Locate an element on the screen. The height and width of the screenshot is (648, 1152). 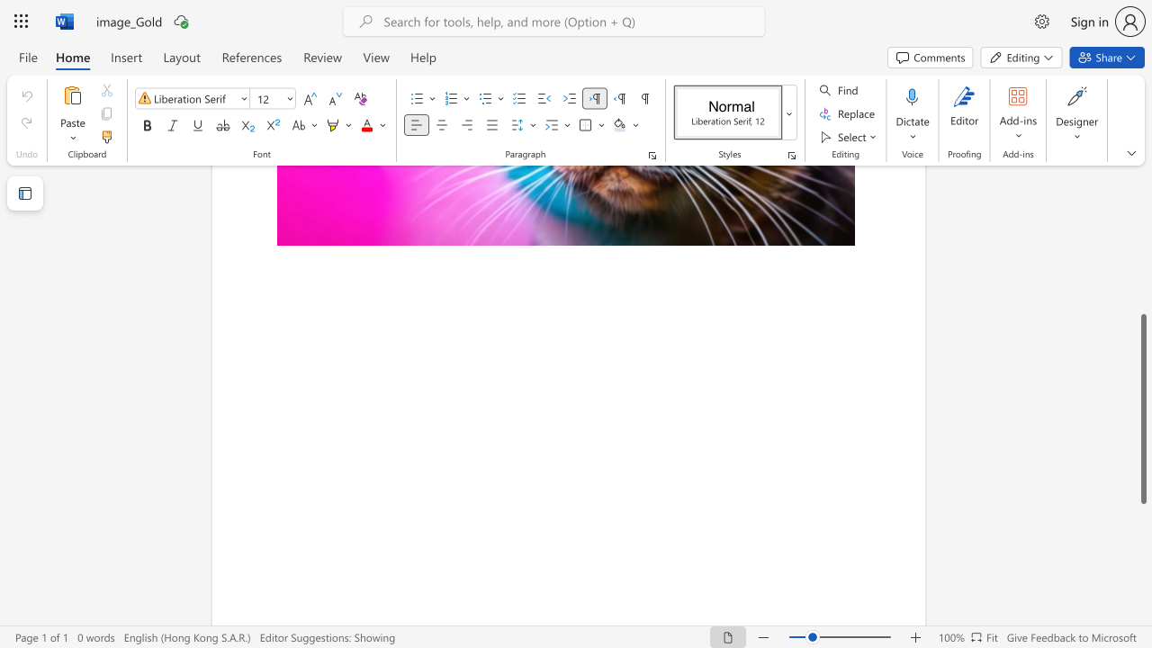
the right-hand scrollbar to ascend the page is located at coordinates (1142, 252).